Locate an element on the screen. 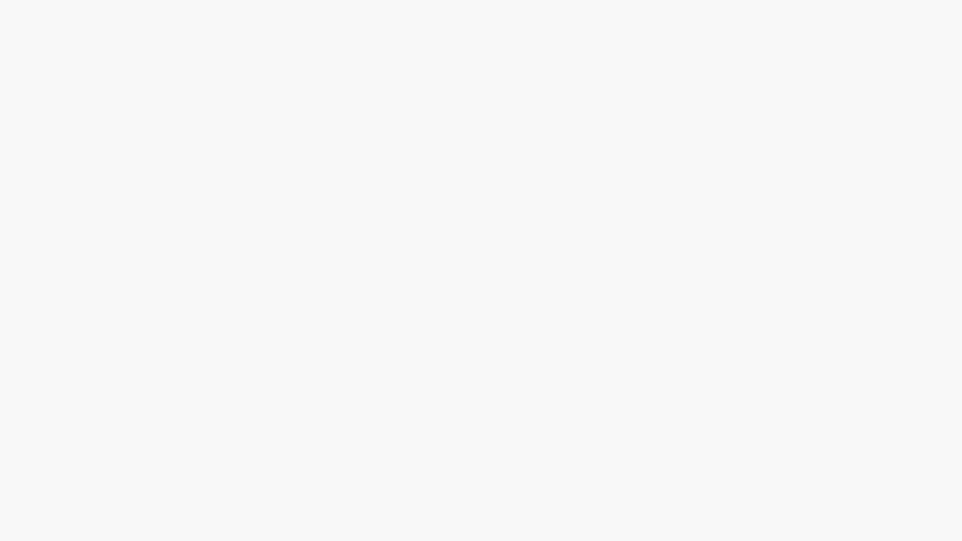 Image resolution: width=962 pixels, height=541 pixels. Botao Compartilhar is located at coordinates (313, 284).